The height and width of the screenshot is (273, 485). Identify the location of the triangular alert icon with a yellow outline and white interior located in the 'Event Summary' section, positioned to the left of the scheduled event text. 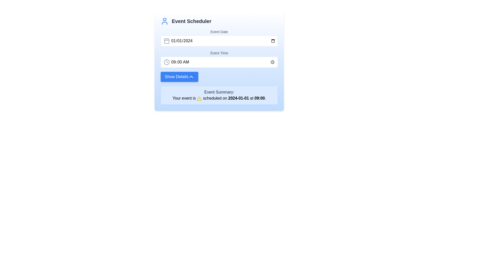
(199, 98).